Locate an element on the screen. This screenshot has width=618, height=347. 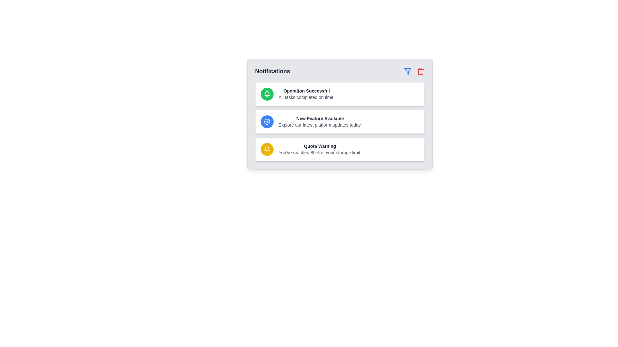
text of the Text label in the first notification card that conveys the status or title of the notification is located at coordinates (306, 91).